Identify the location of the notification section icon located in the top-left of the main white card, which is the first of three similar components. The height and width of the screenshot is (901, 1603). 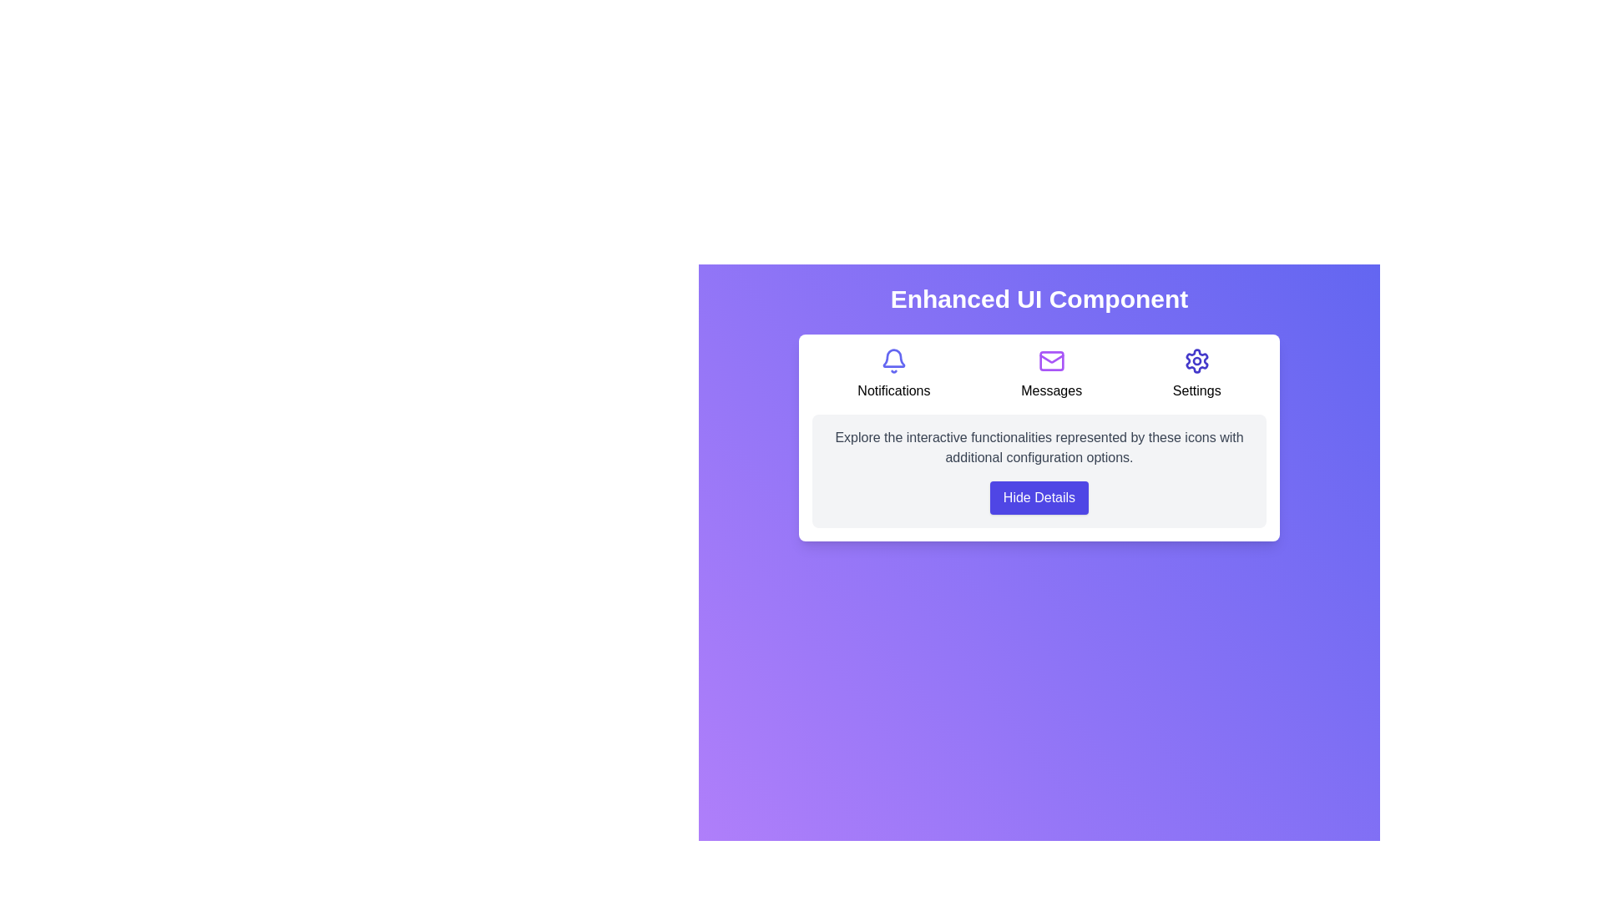
(893, 373).